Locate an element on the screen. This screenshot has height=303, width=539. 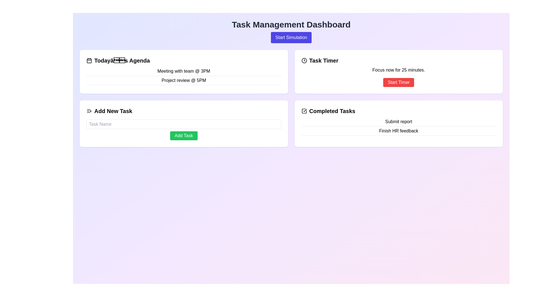
the 'Add New Task' icon, which is located to the left of the 'Add New Task' text in the bottom-left area of the interface is located at coordinates (89, 111).